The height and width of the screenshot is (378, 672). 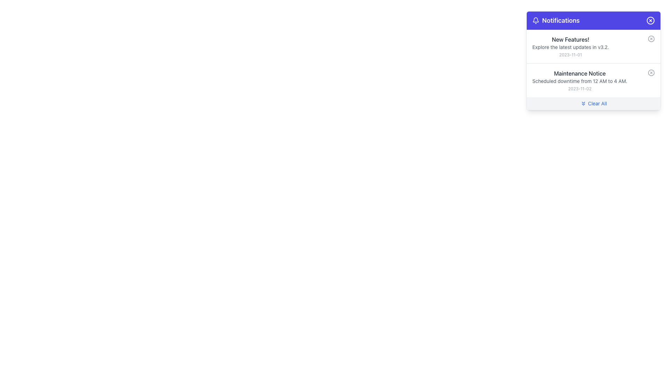 What do you see at coordinates (535, 19) in the screenshot?
I see `the main body of the notification bell icon located at the top-right of the notification panel` at bounding box center [535, 19].